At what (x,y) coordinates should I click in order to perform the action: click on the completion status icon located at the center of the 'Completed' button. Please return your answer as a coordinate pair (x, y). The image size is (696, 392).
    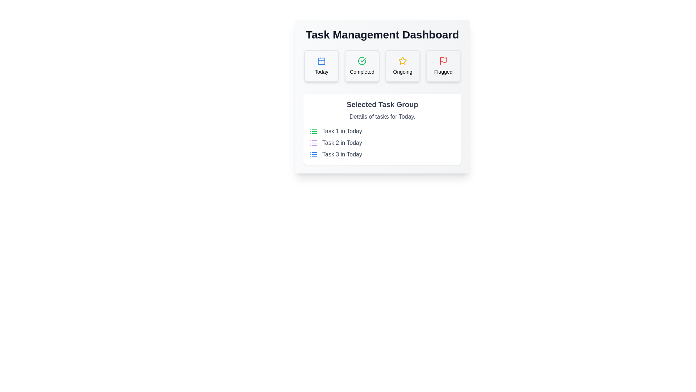
    Looking at the image, I should click on (362, 61).